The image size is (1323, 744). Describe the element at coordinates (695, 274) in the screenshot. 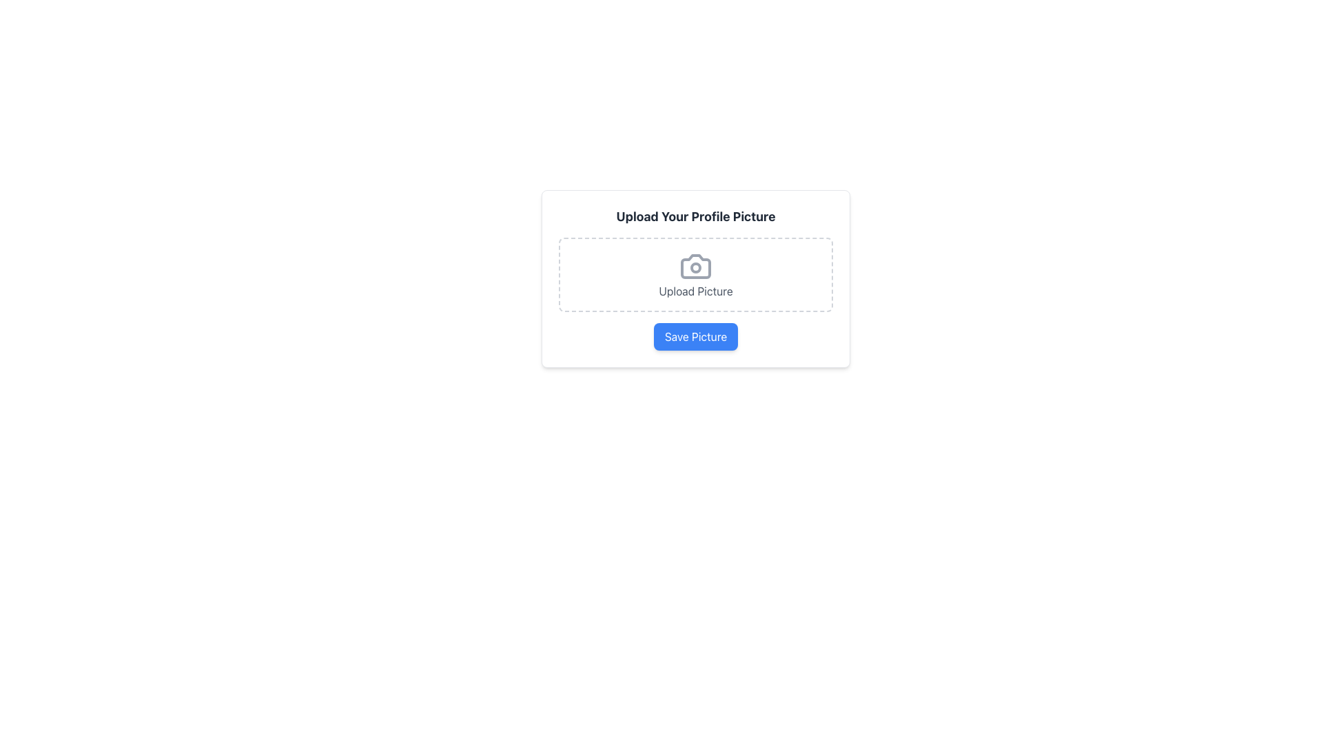

I see `and drop a file onto the clickable area with a camera icon and 'Upload Picture' text prompt` at that location.